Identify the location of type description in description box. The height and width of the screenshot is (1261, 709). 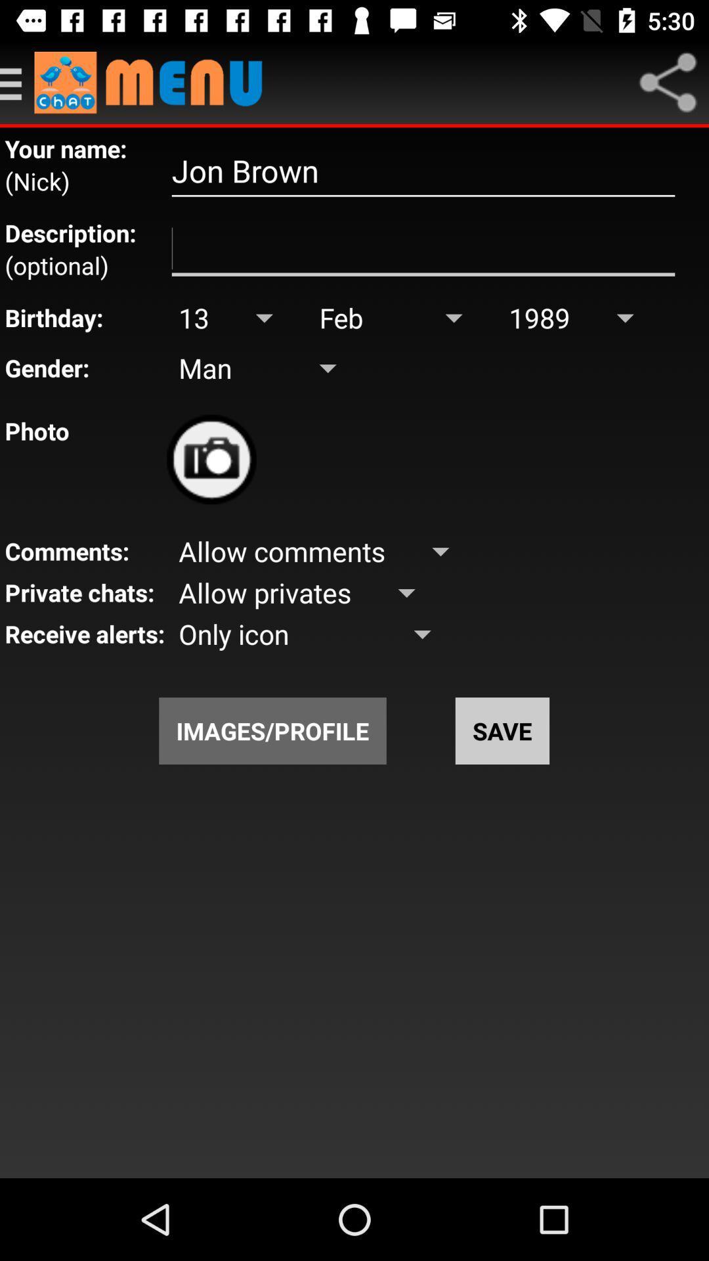
(423, 249).